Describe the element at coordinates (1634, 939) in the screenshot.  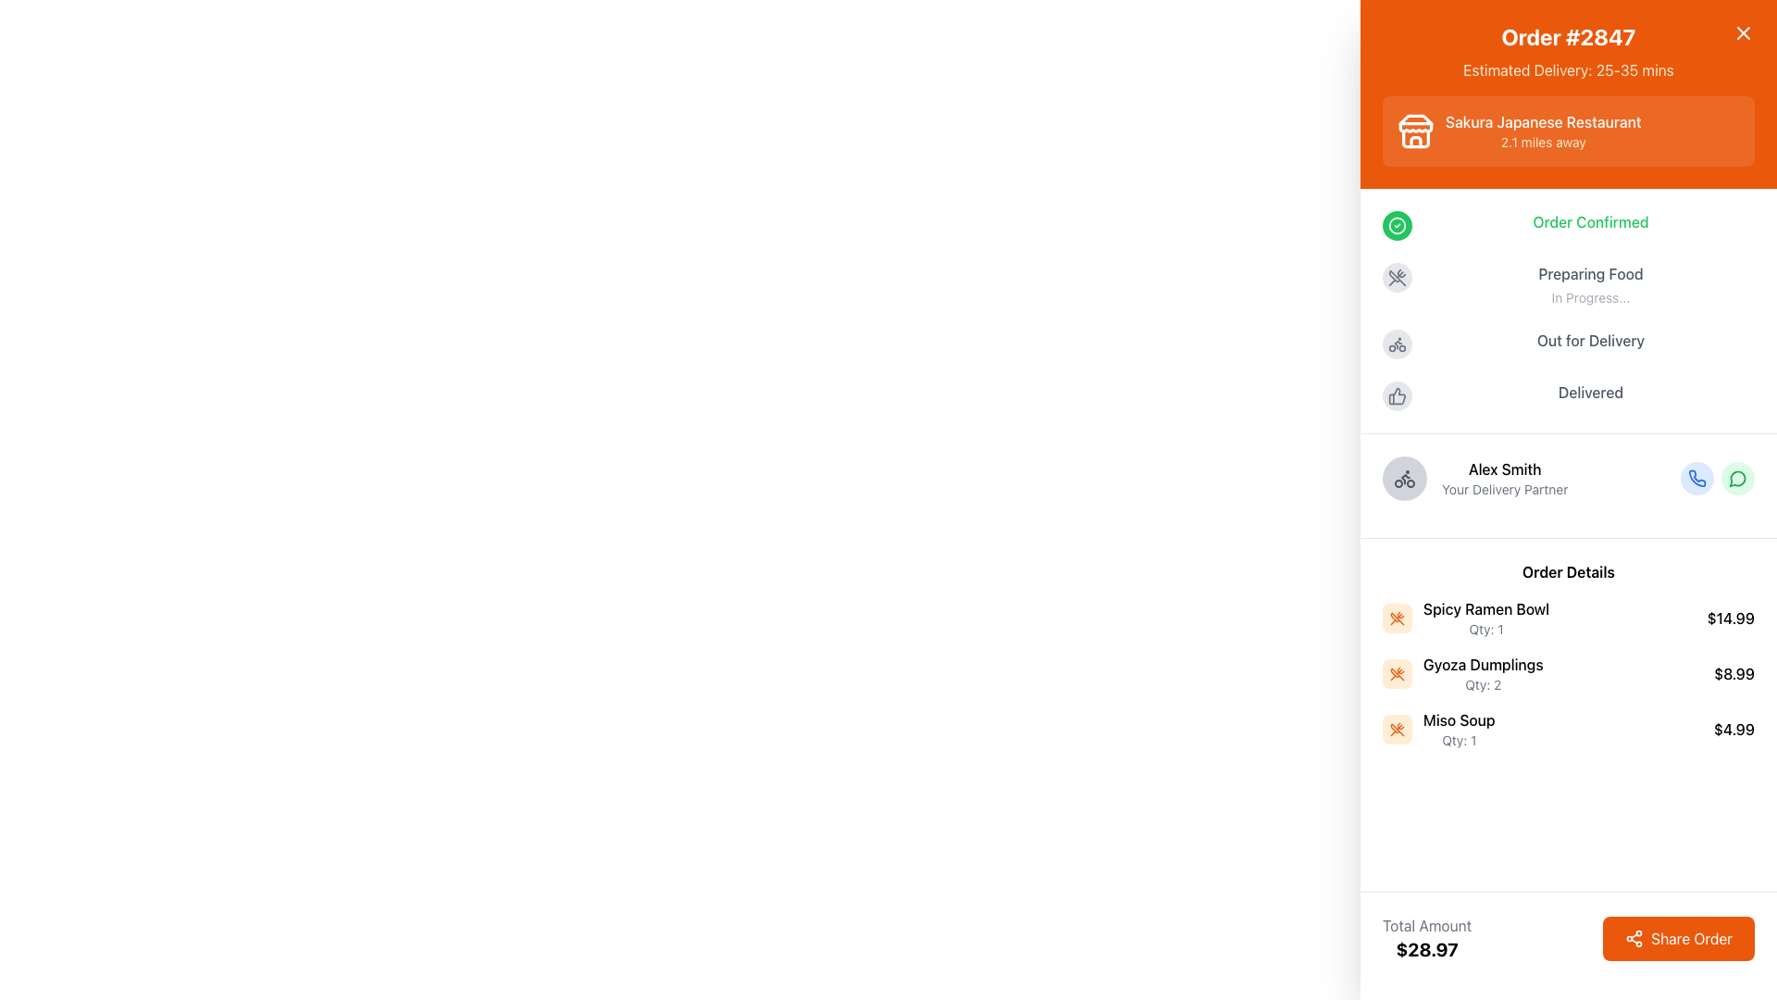
I see `the left-aligned icon within the 'Share Order' button located in the bottom-right corner of the panel with an orange background` at that location.